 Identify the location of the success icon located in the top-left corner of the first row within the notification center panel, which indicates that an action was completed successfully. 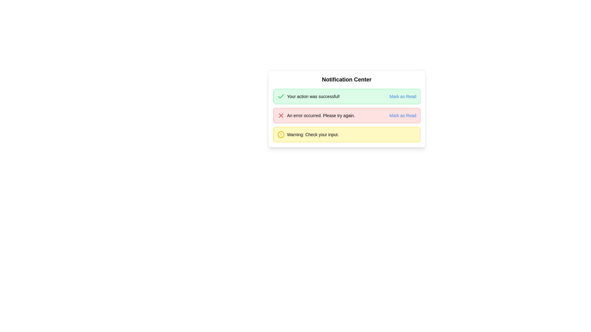
(280, 96).